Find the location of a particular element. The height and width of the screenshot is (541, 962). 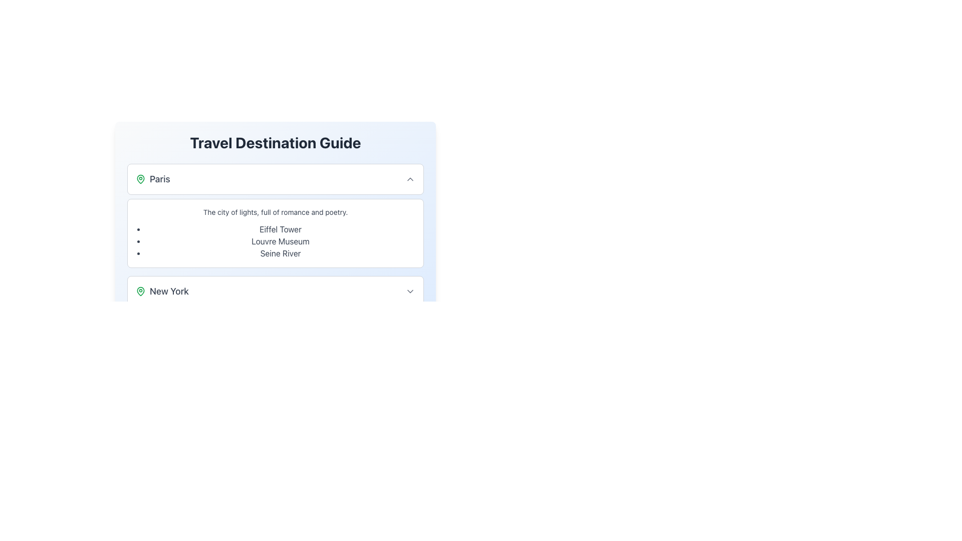

the third static text item in the bullet-pointed list under 'Travel Destination Guide' and 'Paris', which is positioned below 'Louvre Museum' is located at coordinates (281, 252).